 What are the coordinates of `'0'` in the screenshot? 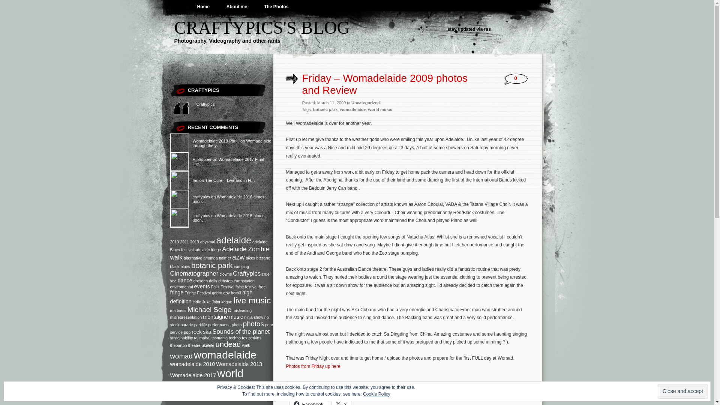 It's located at (515, 78).